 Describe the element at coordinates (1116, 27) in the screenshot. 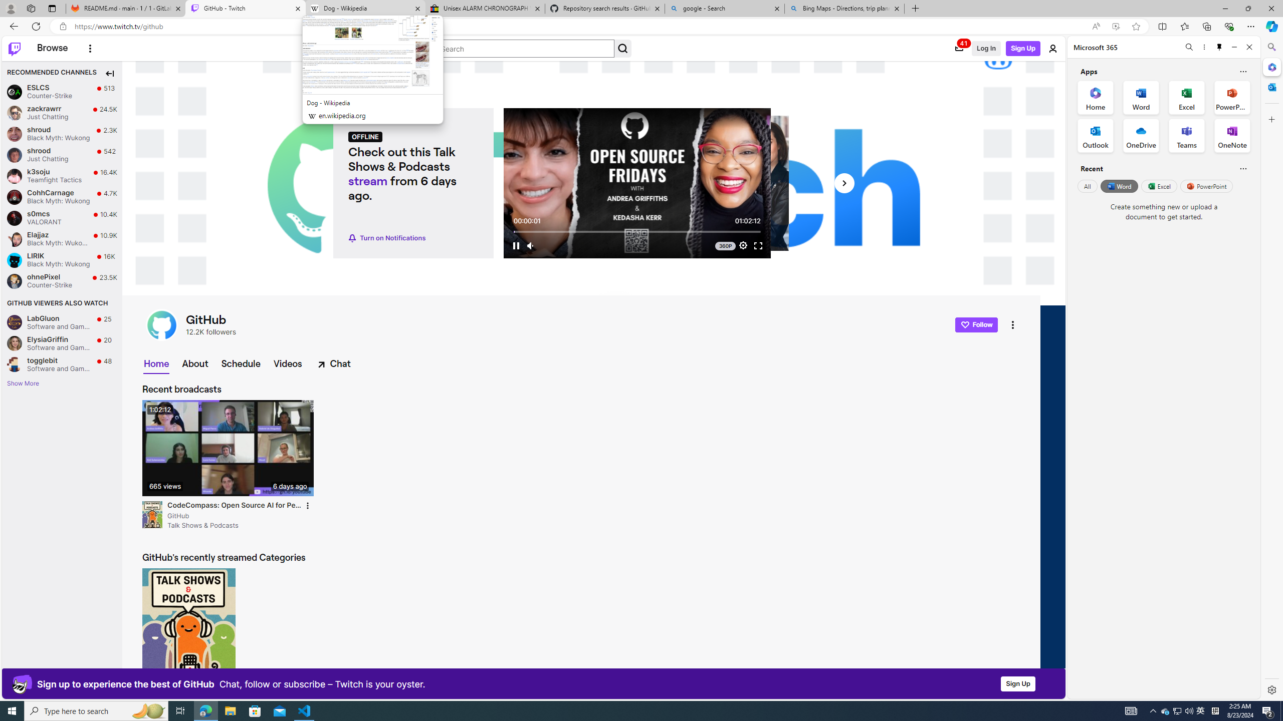

I see `'Enhance video'` at that location.